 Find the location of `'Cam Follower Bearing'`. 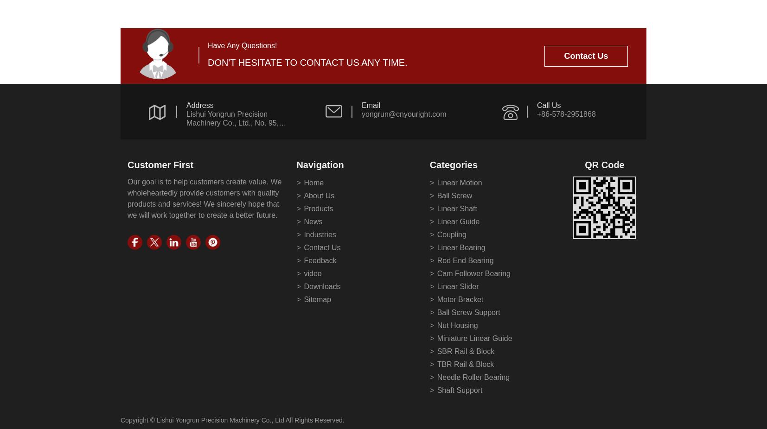

'Cam Follower Bearing' is located at coordinates (473, 273).